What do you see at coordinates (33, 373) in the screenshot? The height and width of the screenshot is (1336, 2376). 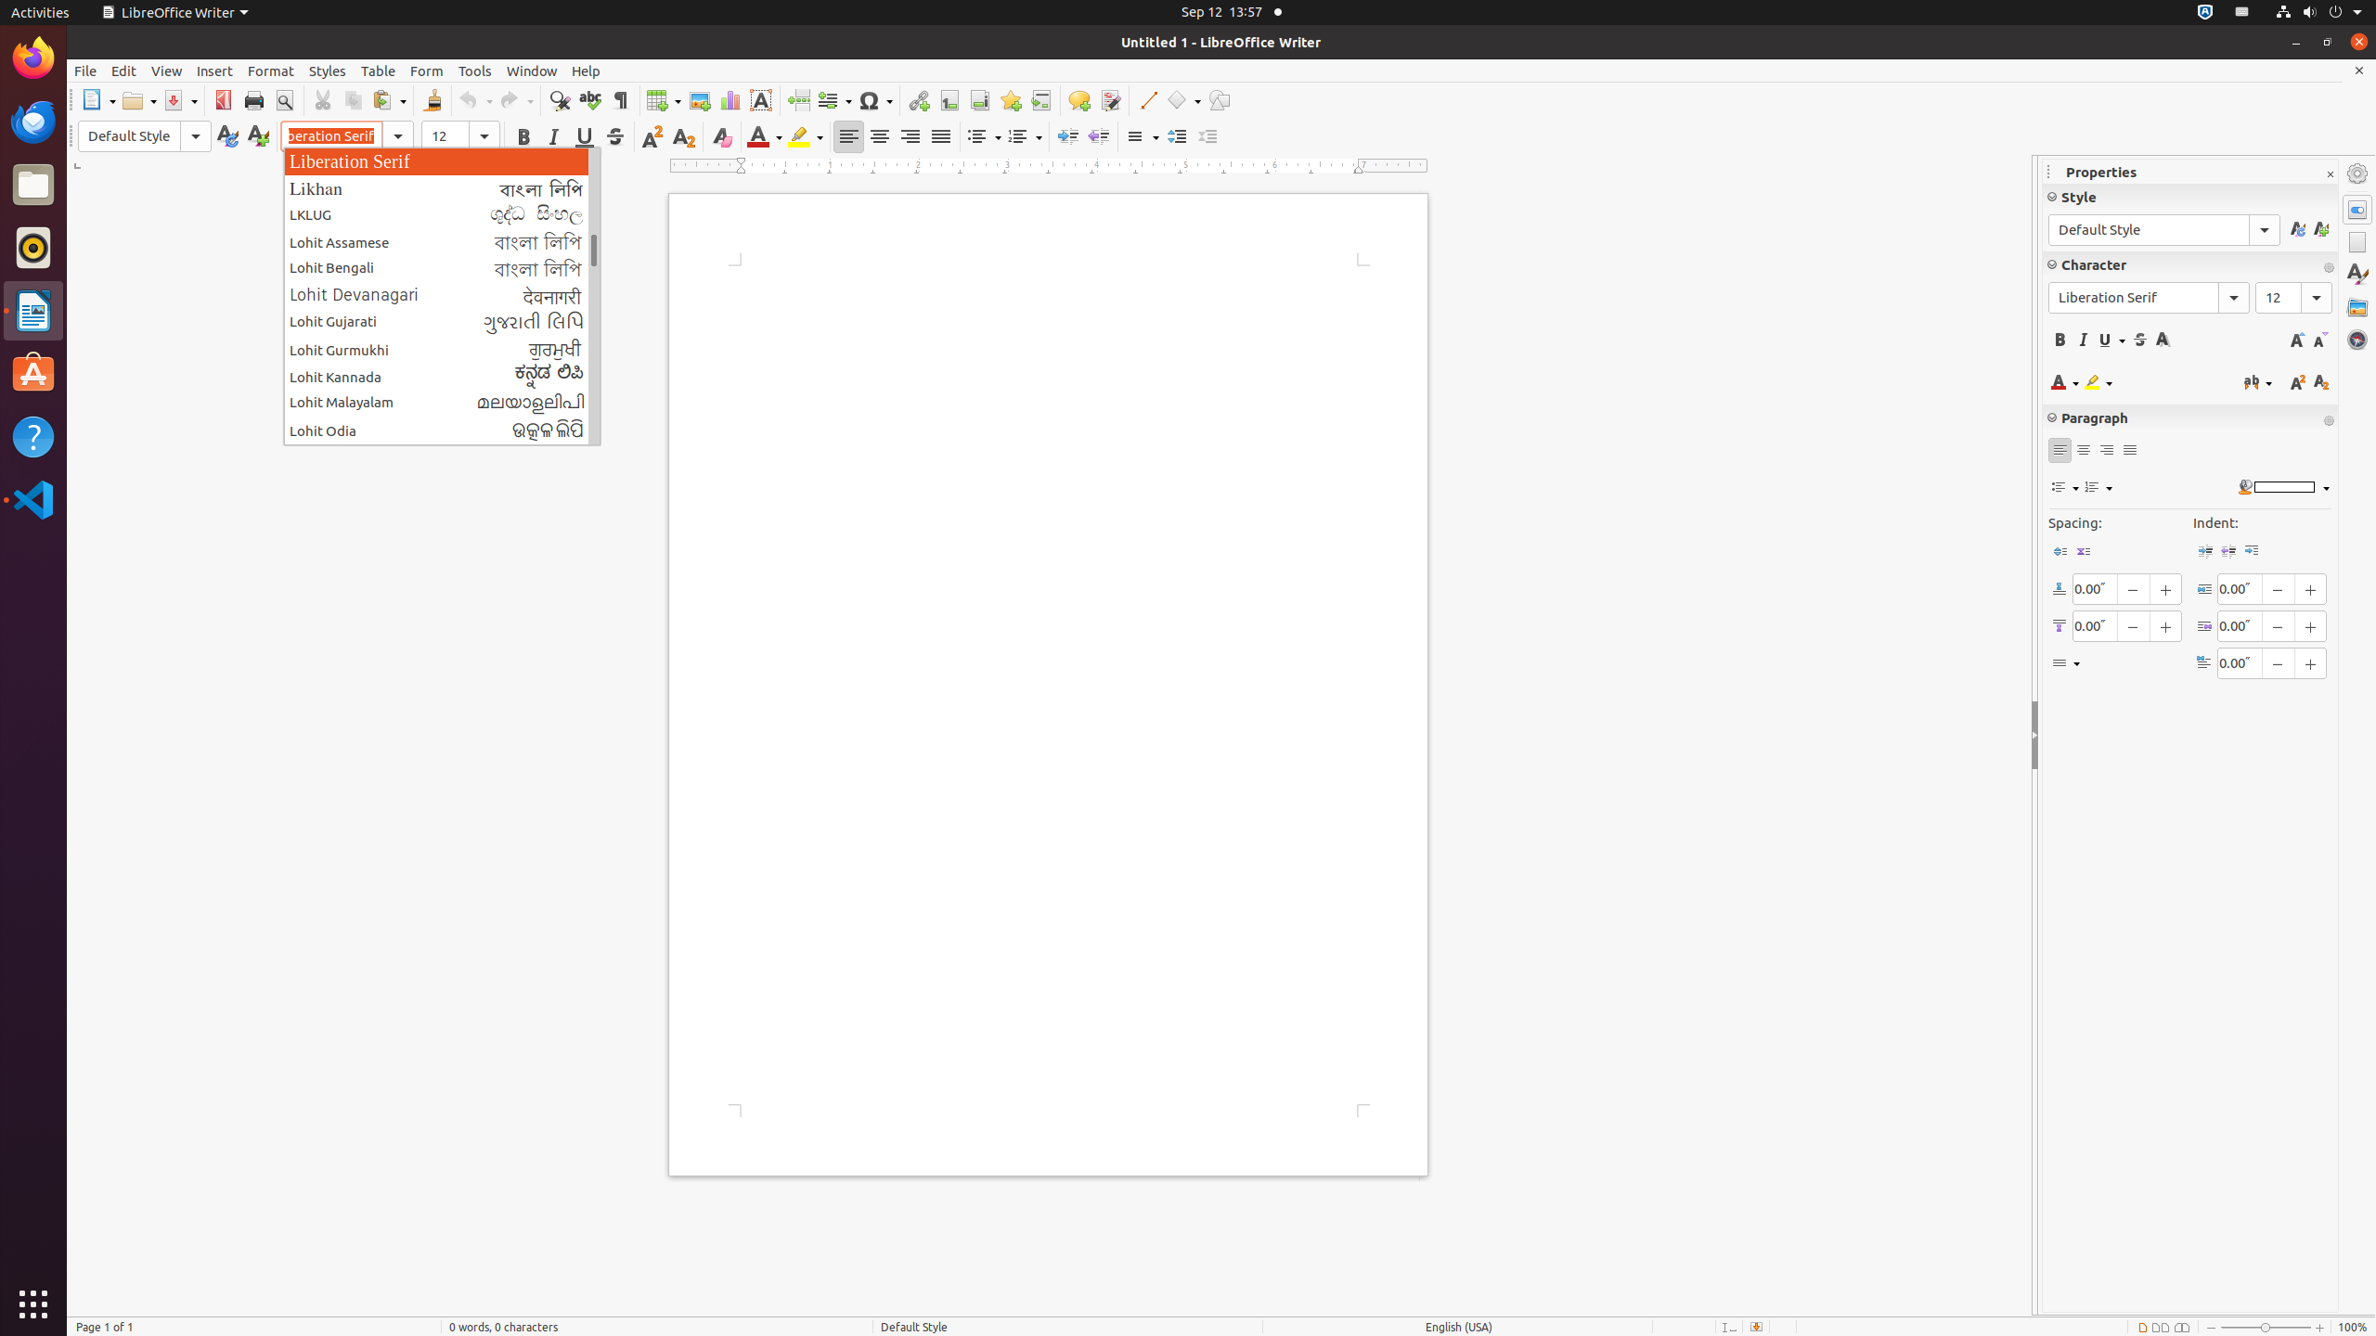 I see `'Ubuntu Software'` at bounding box center [33, 373].